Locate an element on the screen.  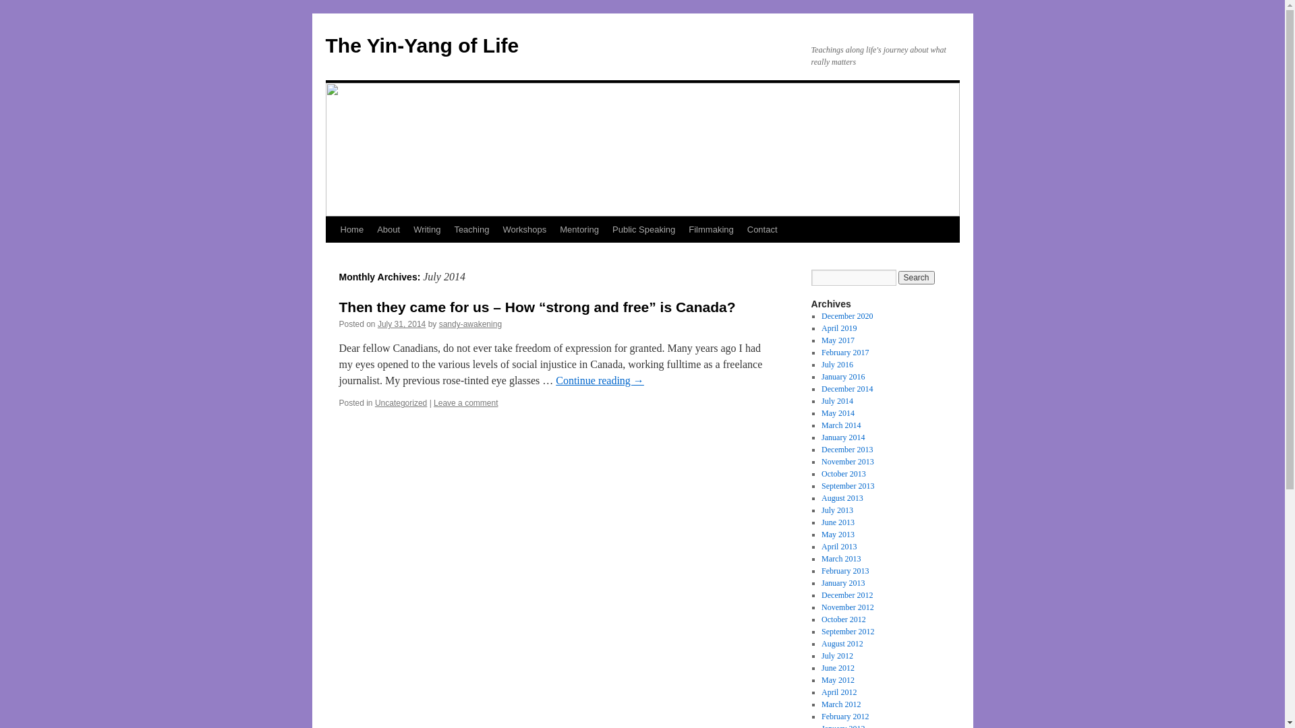
'The Yin-Yang of Life' is located at coordinates (421, 44).